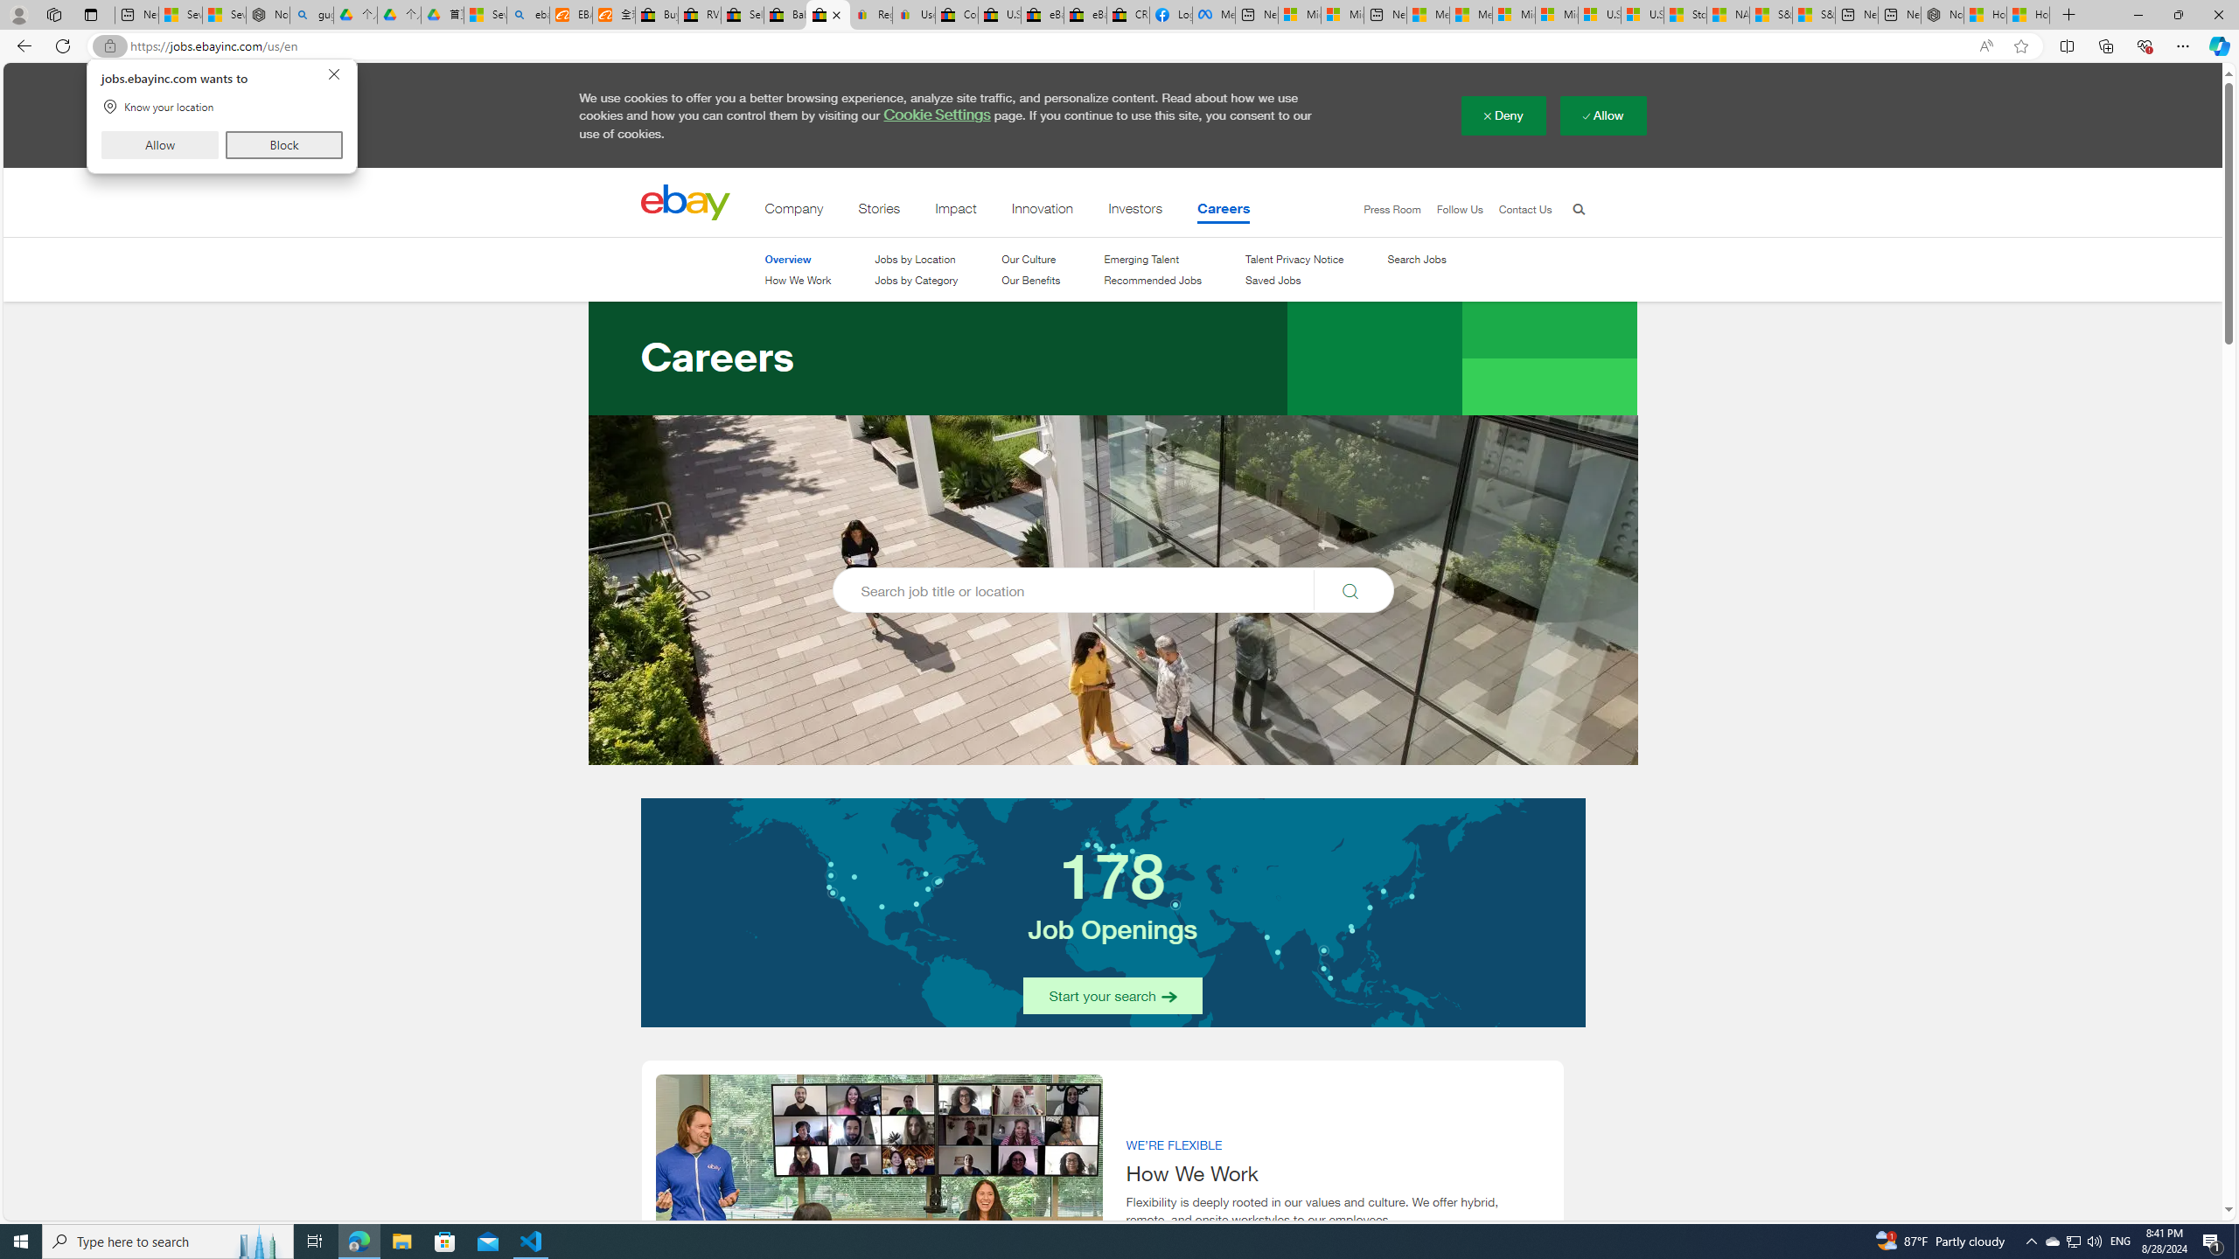  What do you see at coordinates (1224, 212) in the screenshot?
I see `'Careers'` at bounding box center [1224, 212].